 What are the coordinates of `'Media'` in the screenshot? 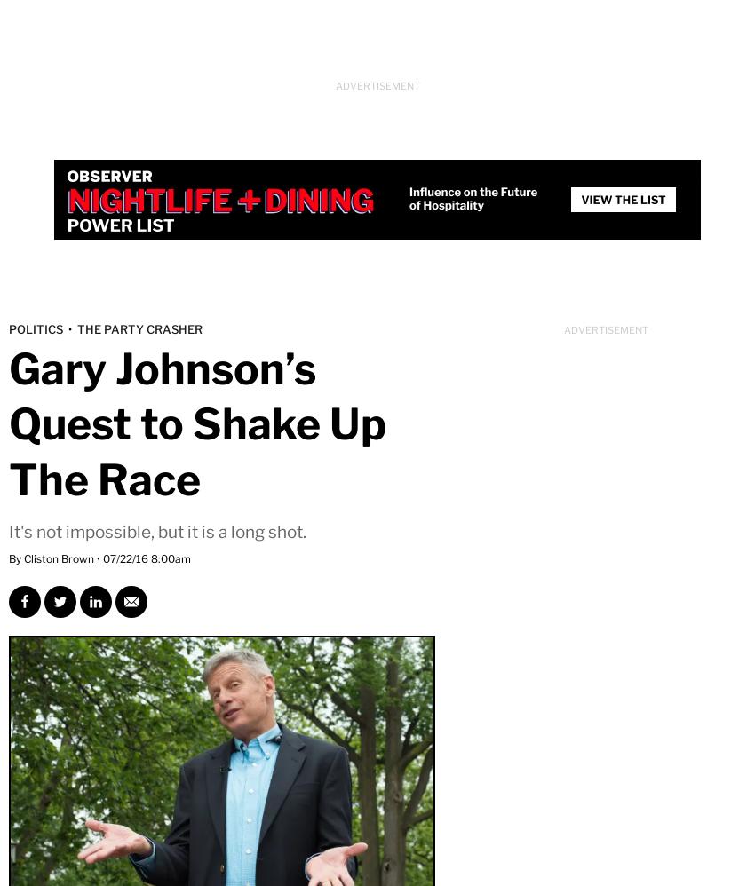 It's located at (341, 164).